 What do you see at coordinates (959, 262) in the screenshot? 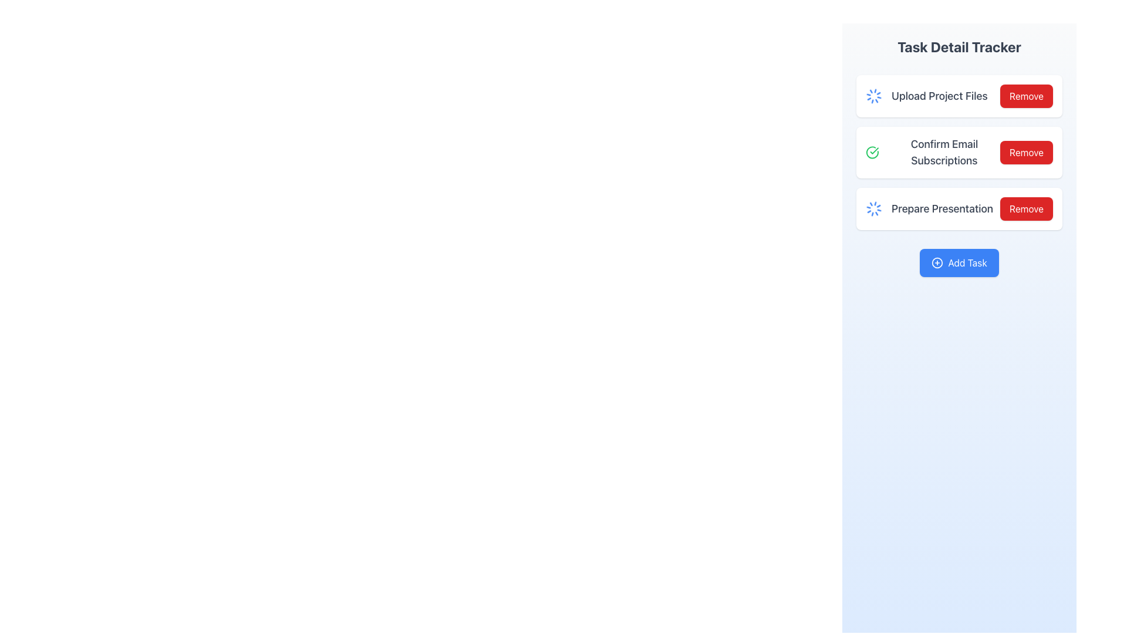
I see `the 'Add Task' button` at bounding box center [959, 262].